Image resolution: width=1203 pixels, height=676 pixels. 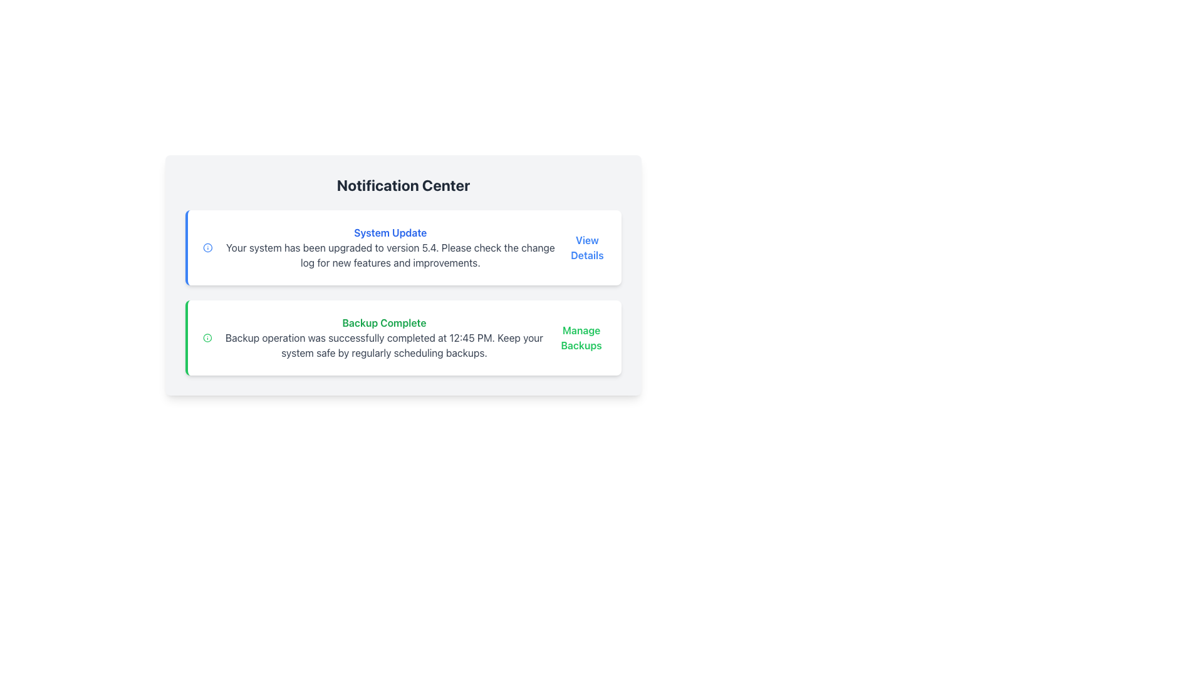 What do you see at coordinates (390, 255) in the screenshot?
I see `the text element that states 'Your system has been upgraded to version 5.4. Please check the change log for new features and improvements.' within the 'System Update' notification box` at bounding box center [390, 255].